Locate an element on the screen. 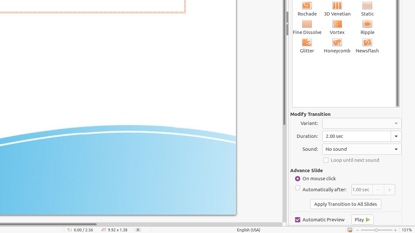 The image size is (415, 233). 'Automatic Preview' is located at coordinates (320, 219).